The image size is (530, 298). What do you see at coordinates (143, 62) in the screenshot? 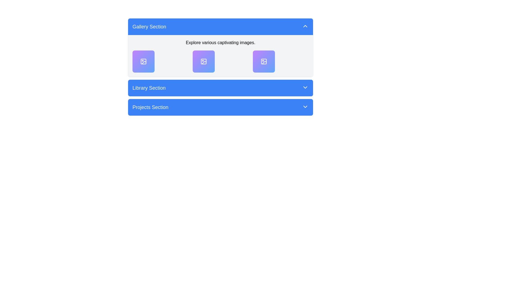
I see `the visual design of the SVG rectangle element located in the first icon of the Gallery Section` at bounding box center [143, 62].